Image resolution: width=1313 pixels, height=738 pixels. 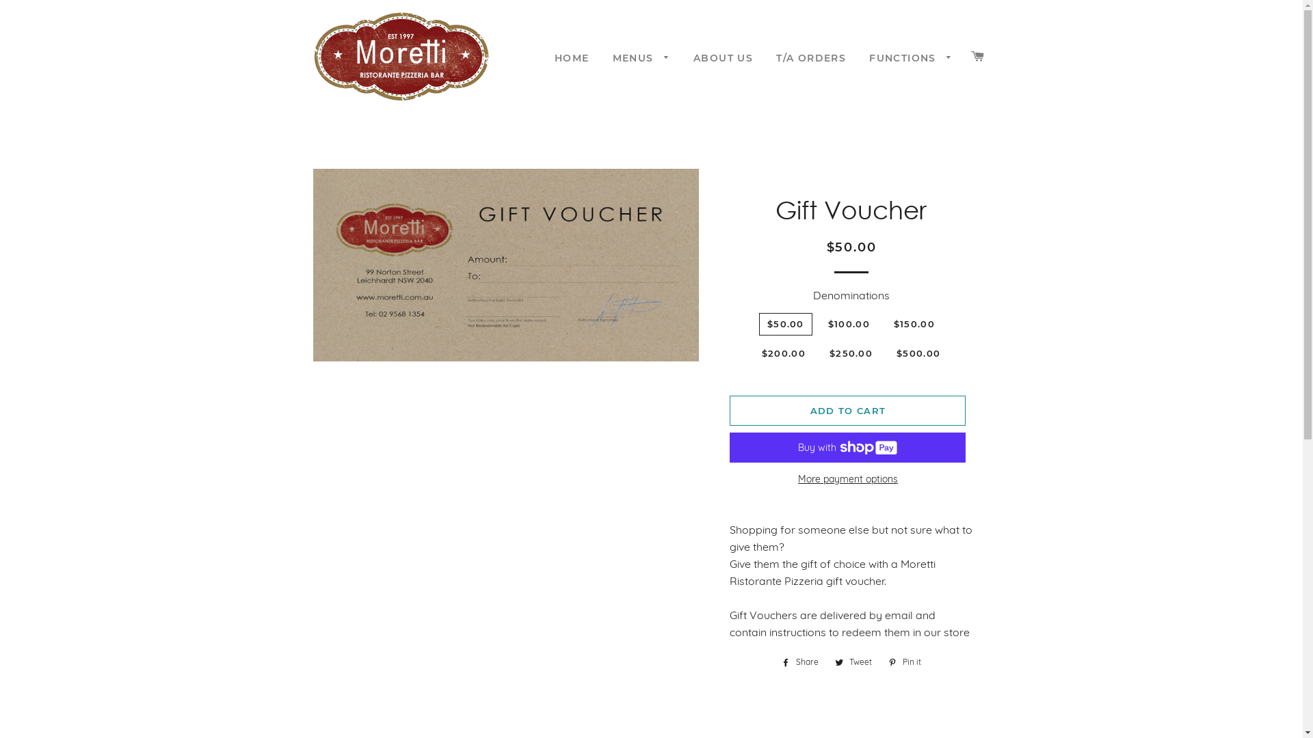 I want to click on 'Pin it, so click(x=881, y=661).